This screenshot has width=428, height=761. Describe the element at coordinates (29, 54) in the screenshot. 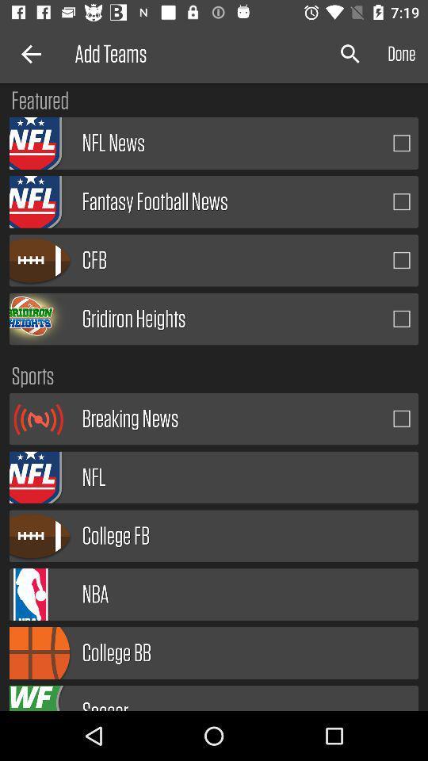

I see `icon to the left of the add teams` at that location.